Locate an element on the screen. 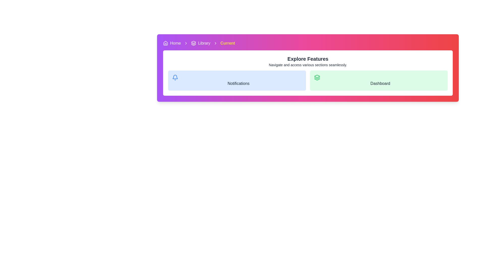 The height and width of the screenshot is (272, 484). the 'Dashboard' navigation button, which is located in the second column of a two-column grid layout, directly to the right of the 'Notifications' button is located at coordinates (379, 80).